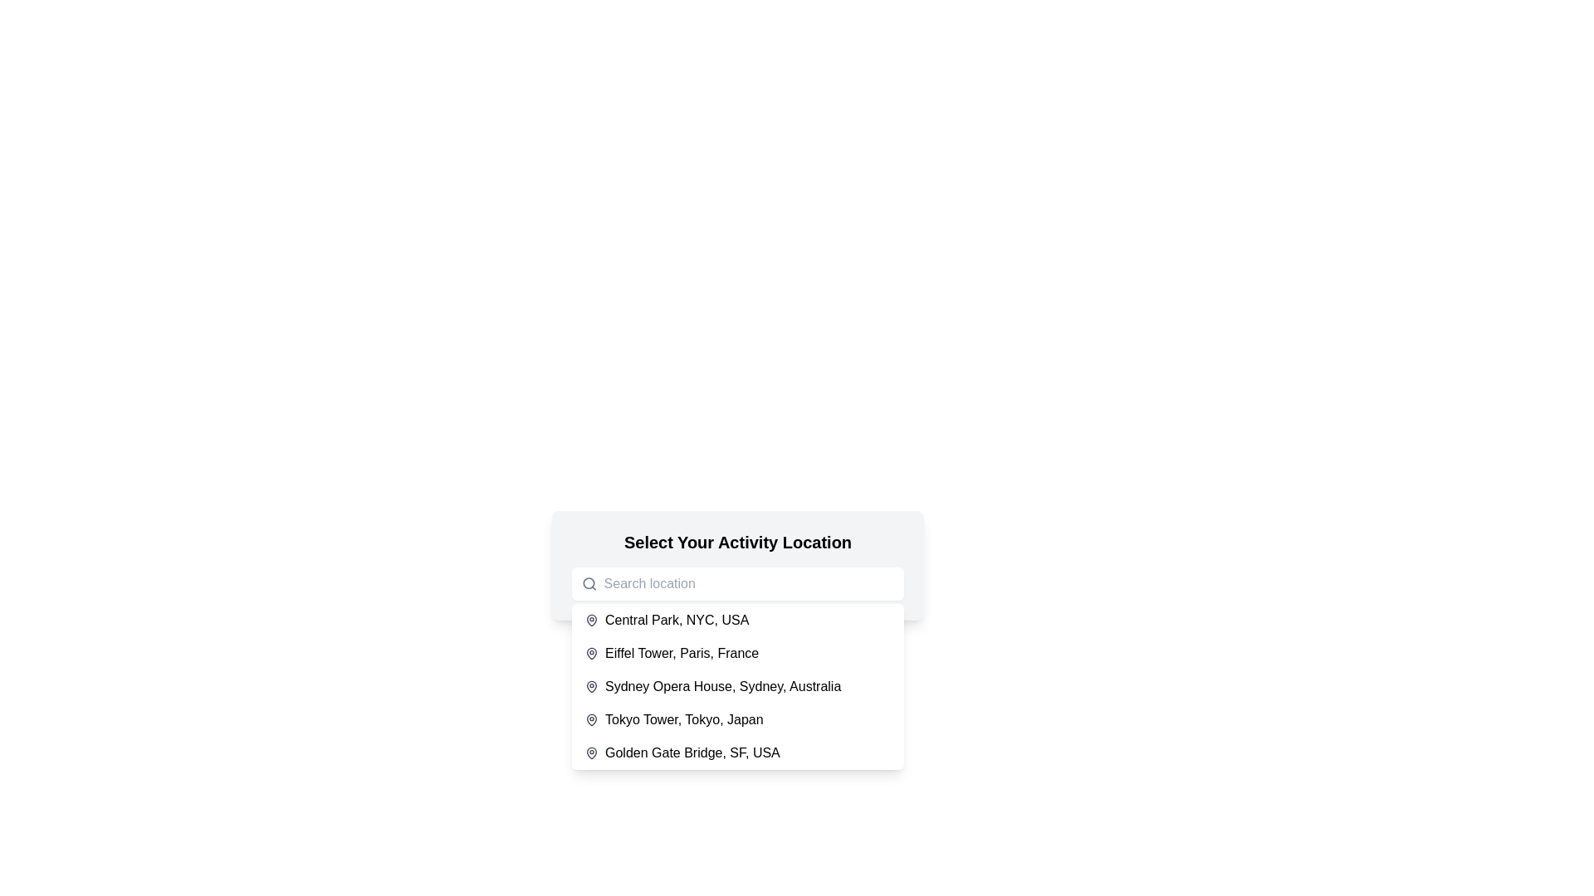 This screenshot has width=1594, height=896. Describe the element at coordinates (736, 718) in the screenshot. I see `the list item for 'Tokyo Tower, Tokyo, Japan' in the dropdown menu` at that location.